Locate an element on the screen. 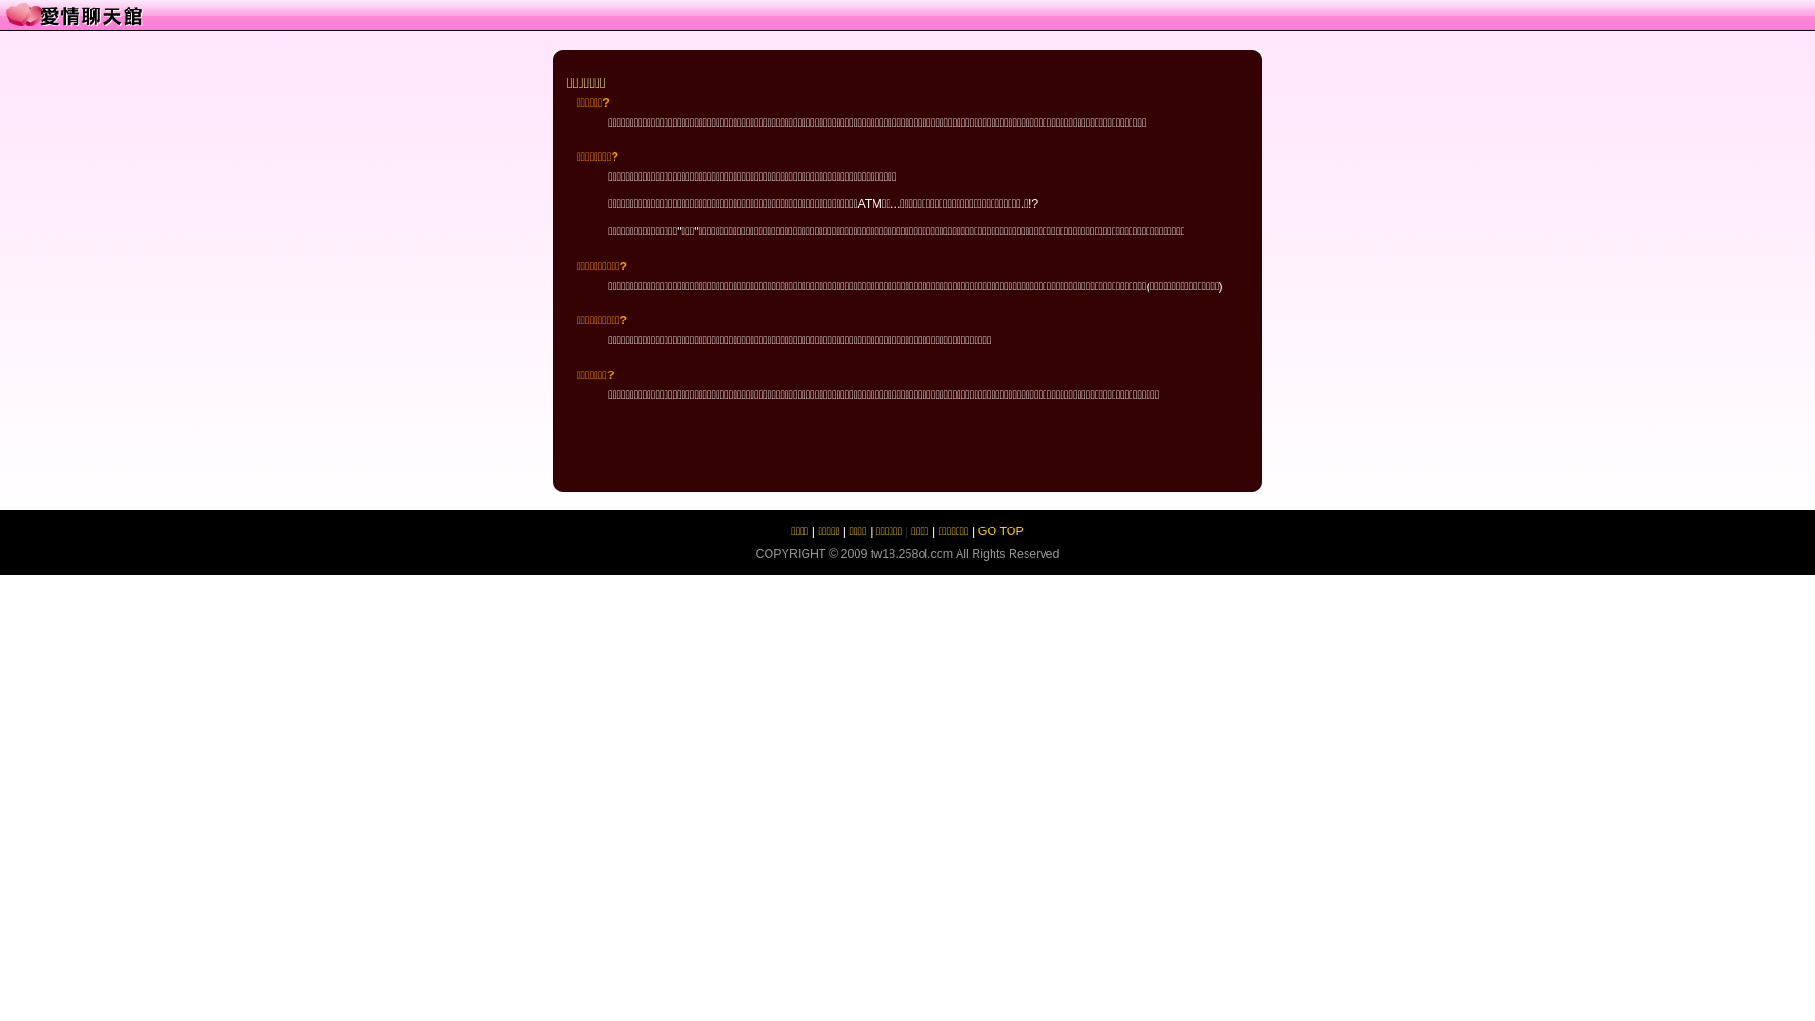 This screenshot has width=1815, height=1021. 'GO TOP' is located at coordinates (1000, 531).